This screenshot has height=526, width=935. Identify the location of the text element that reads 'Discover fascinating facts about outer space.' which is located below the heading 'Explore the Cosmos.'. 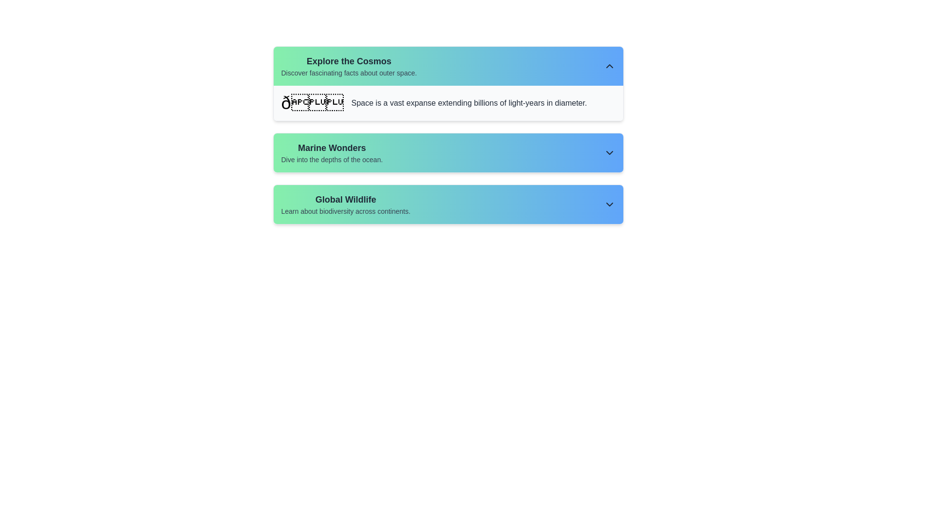
(349, 73).